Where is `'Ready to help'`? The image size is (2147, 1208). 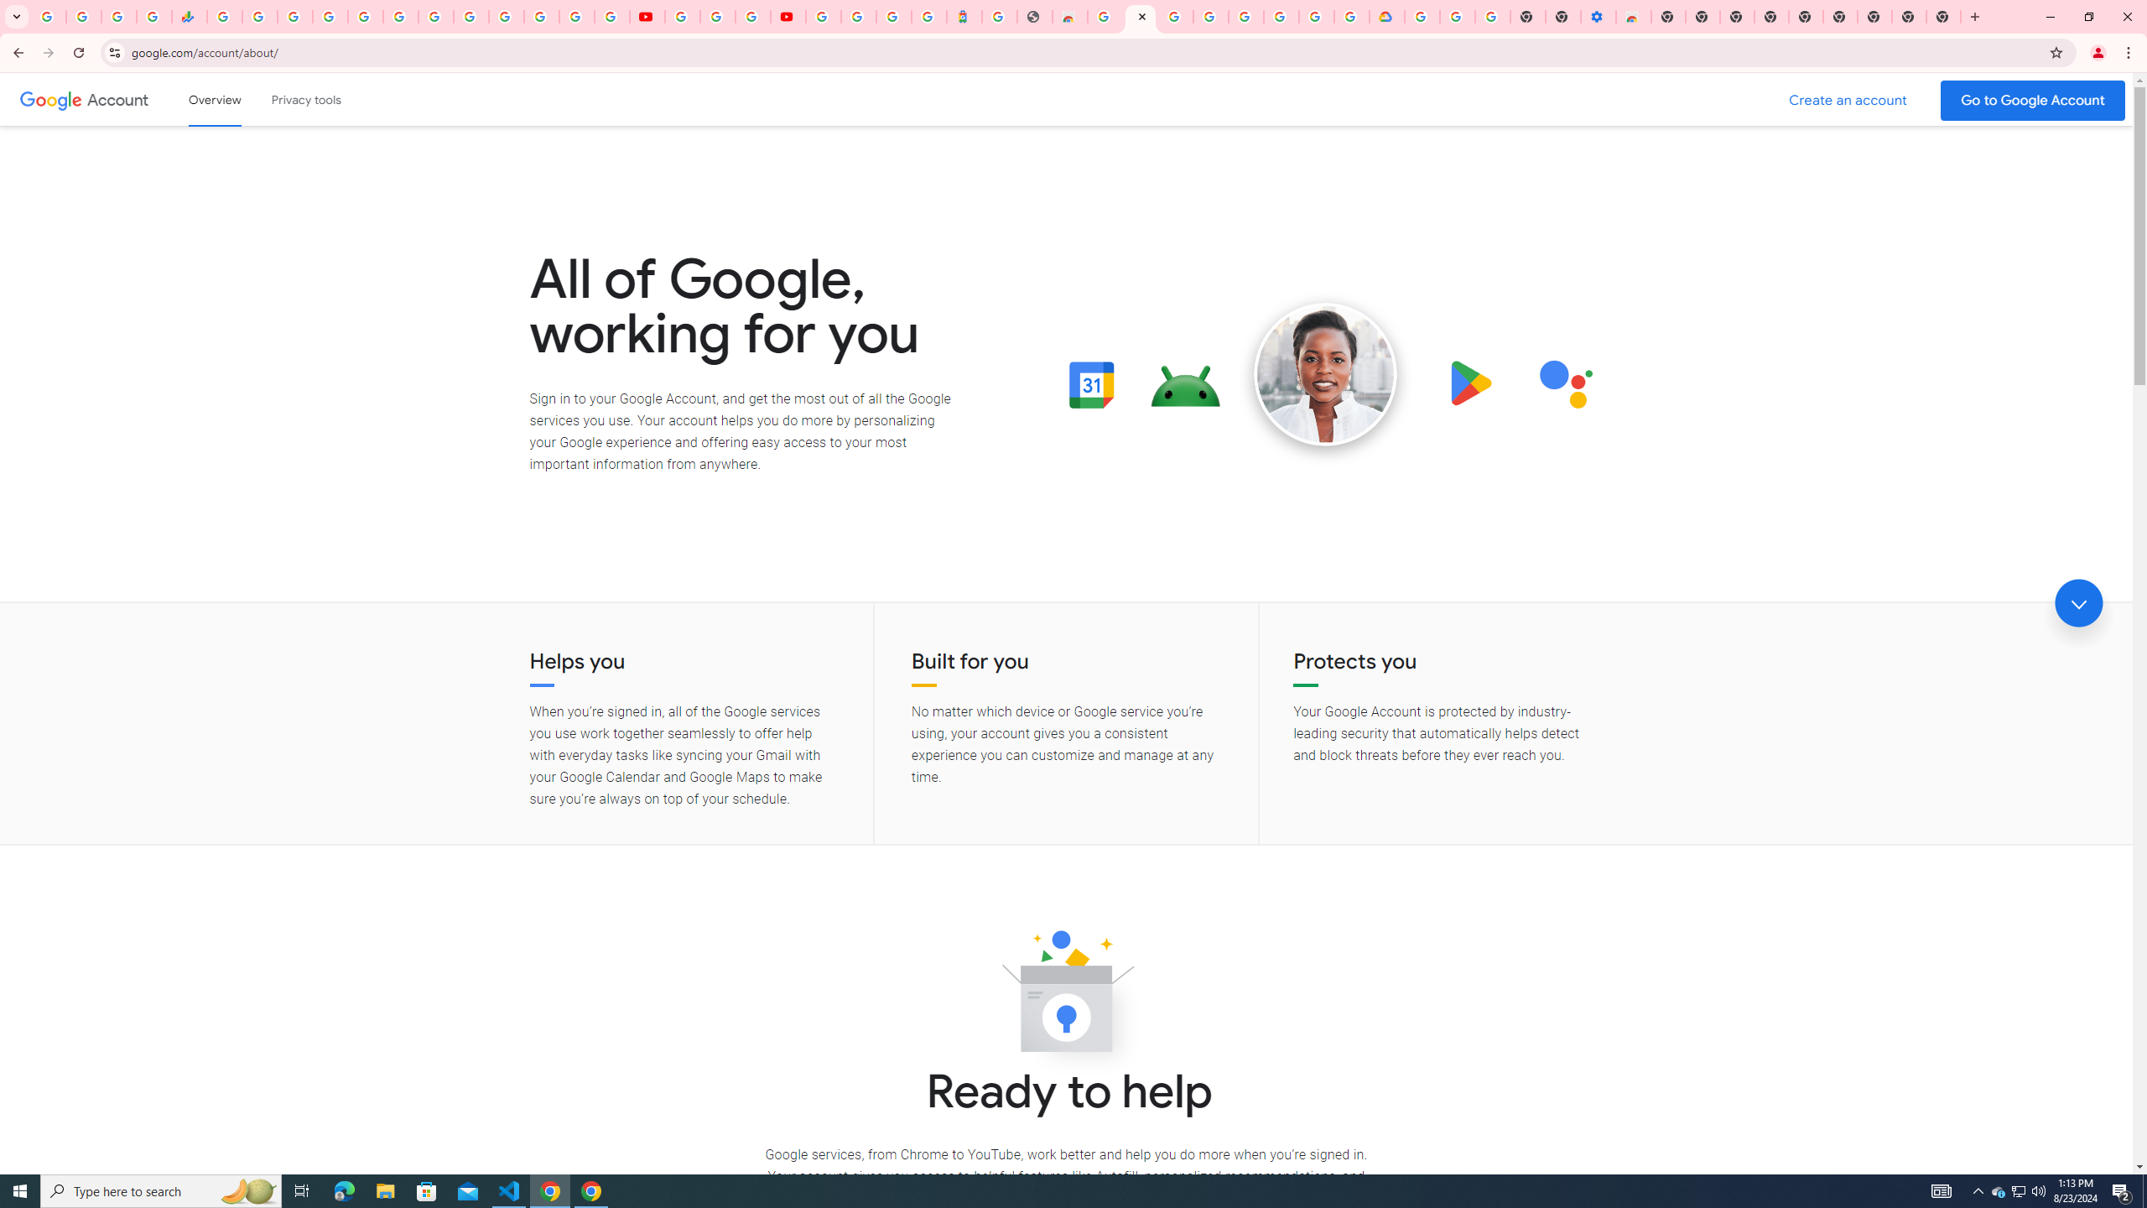 'Ready to help' is located at coordinates (1066, 996).